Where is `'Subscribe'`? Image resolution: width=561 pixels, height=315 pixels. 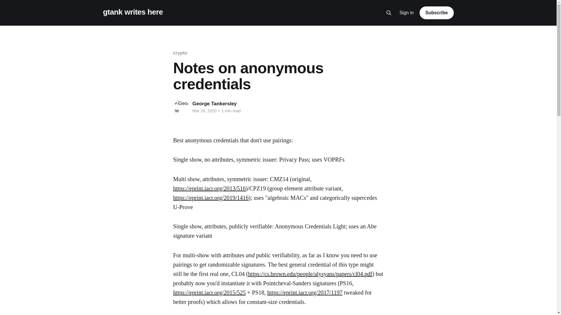 'Subscribe' is located at coordinates (419, 13).